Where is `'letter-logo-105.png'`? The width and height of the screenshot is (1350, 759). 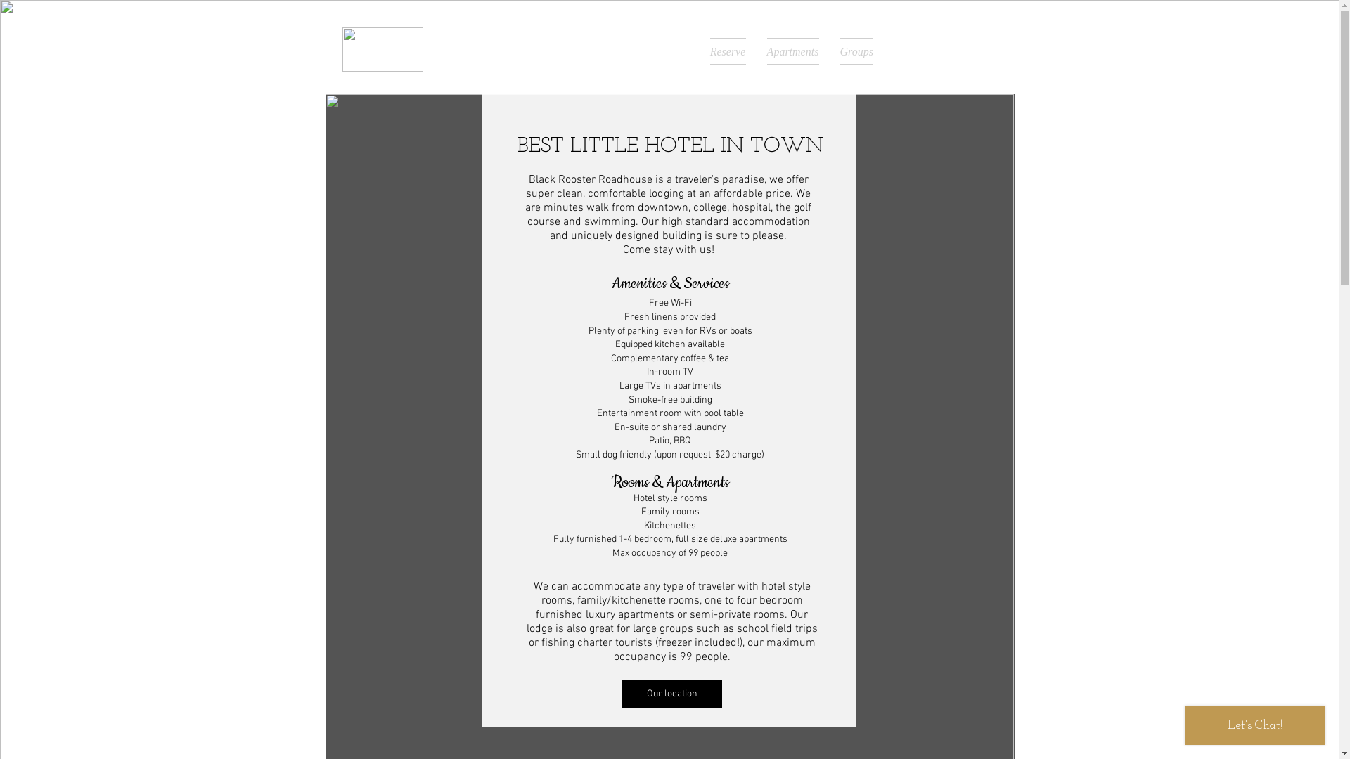
'letter-logo-105.png' is located at coordinates (382, 48).